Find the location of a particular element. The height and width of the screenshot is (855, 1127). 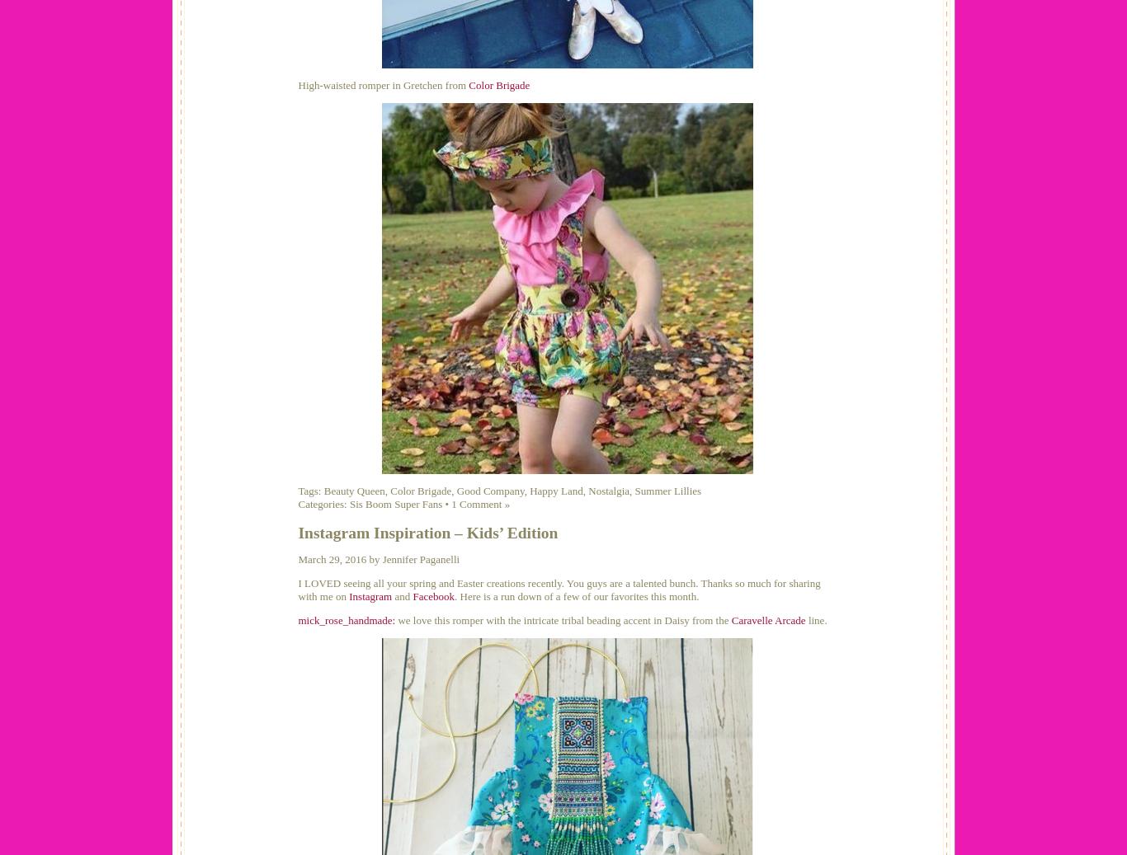

'1 Comment »' is located at coordinates (479, 504).